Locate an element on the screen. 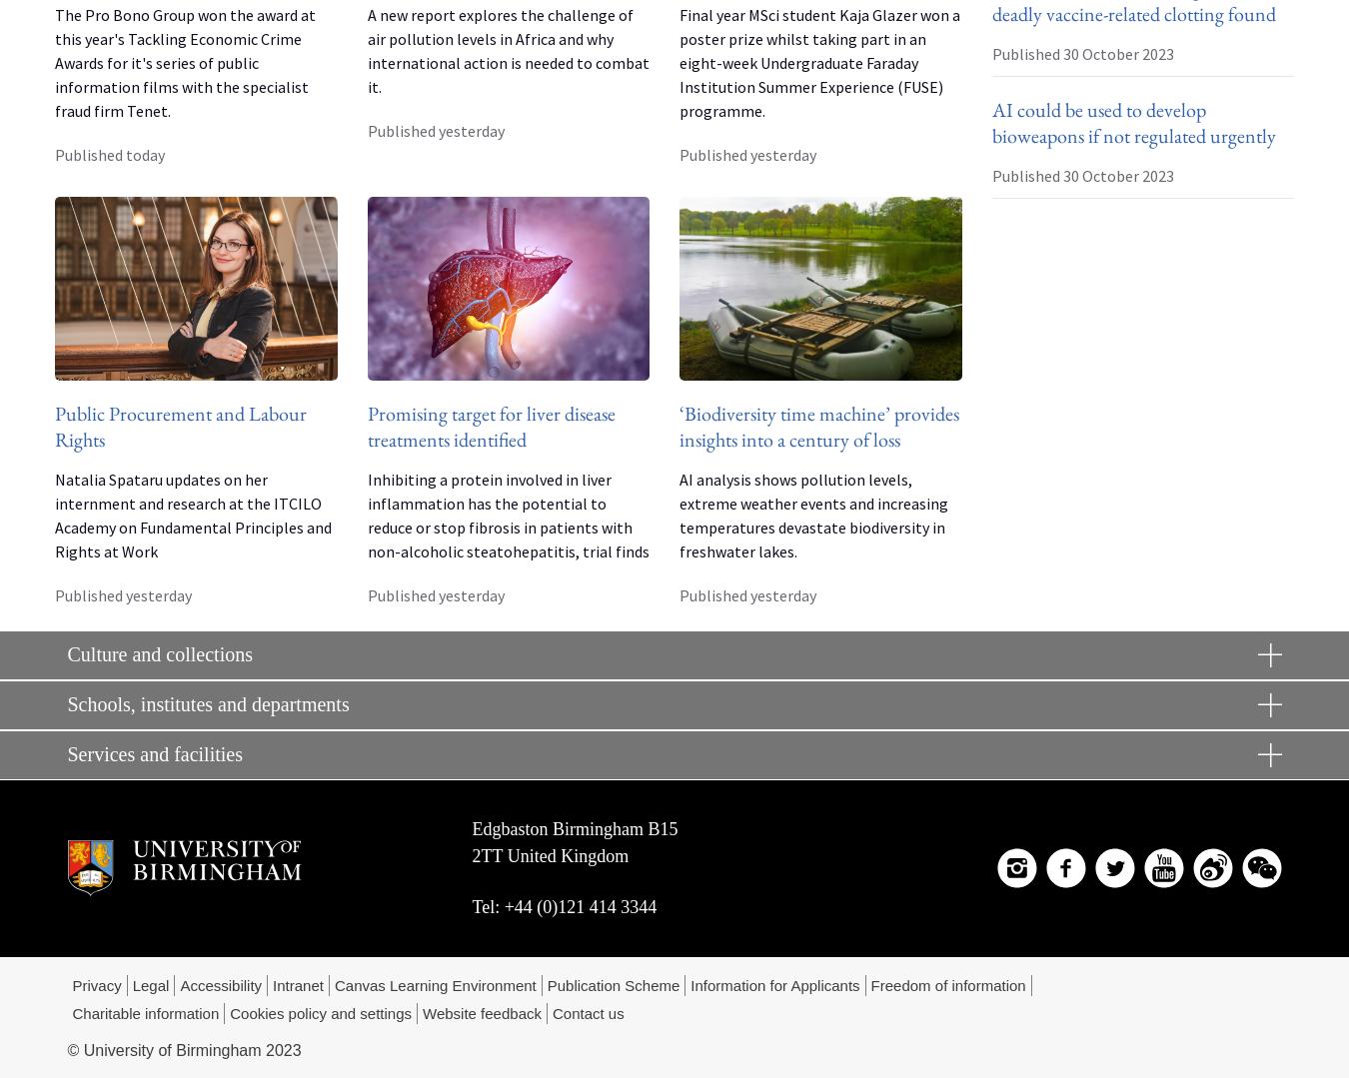 The width and height of the screenshot is (1349, 1078). 'Freedom of information' is located at coordinates (946, 983).